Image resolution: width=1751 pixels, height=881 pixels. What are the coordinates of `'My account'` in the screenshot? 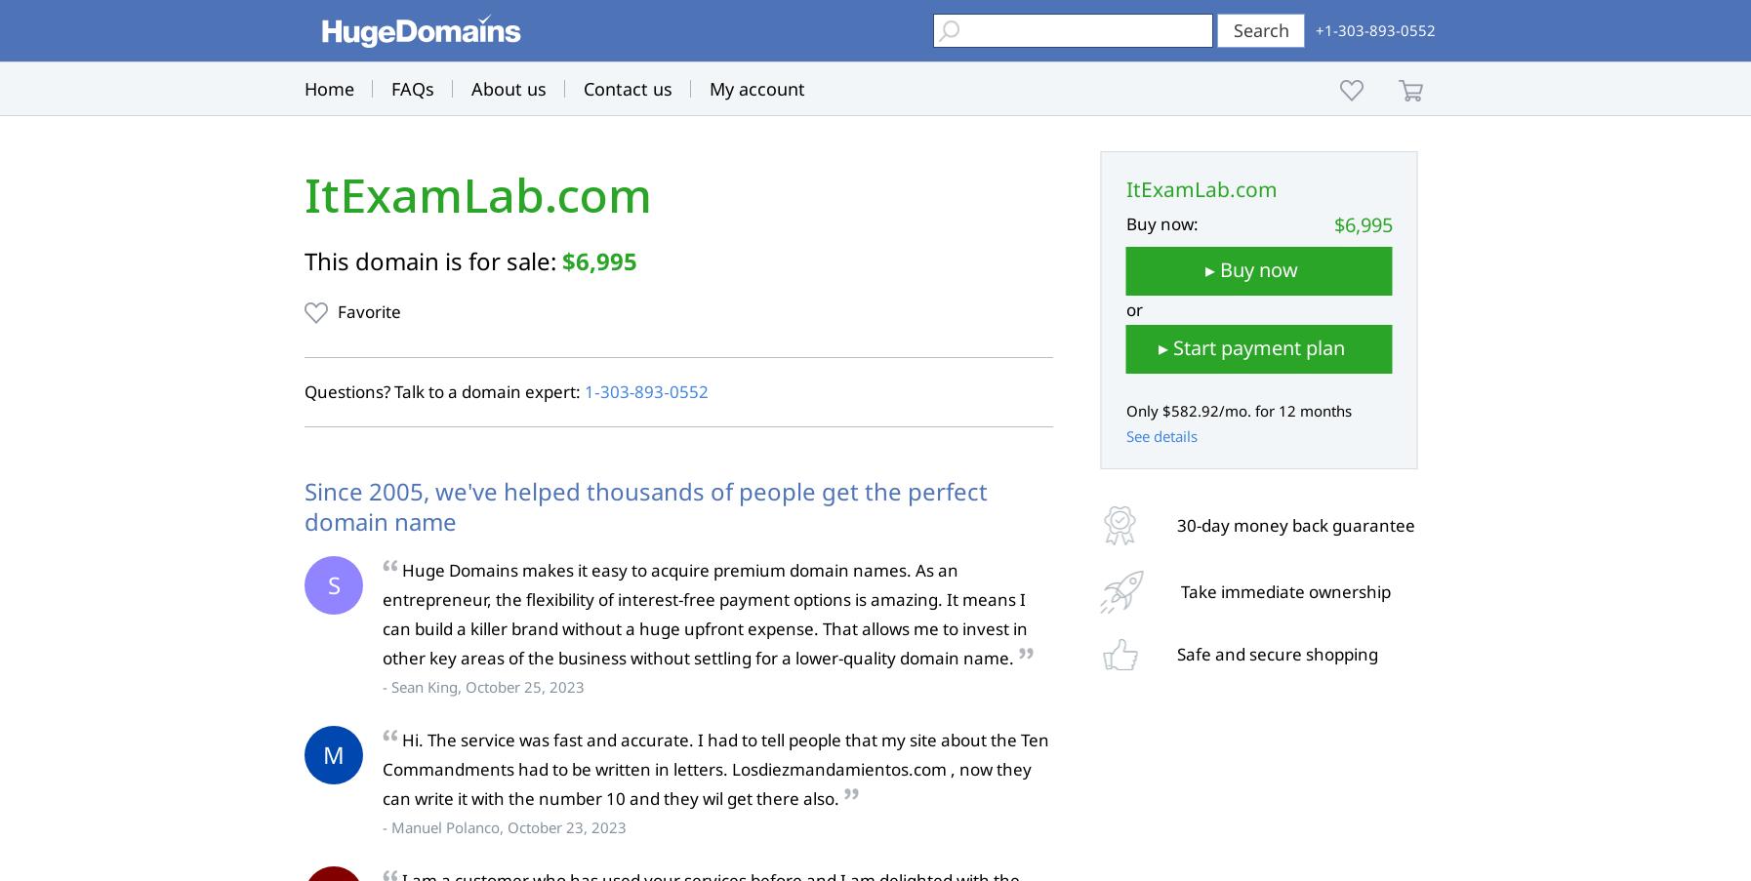 It's located at (757, 89).